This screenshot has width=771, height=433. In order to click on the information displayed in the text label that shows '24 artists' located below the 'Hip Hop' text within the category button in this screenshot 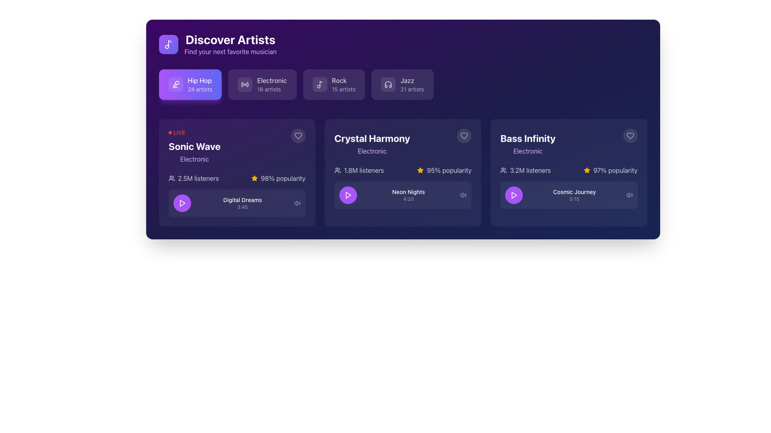, I will do `click(200, 89)`.